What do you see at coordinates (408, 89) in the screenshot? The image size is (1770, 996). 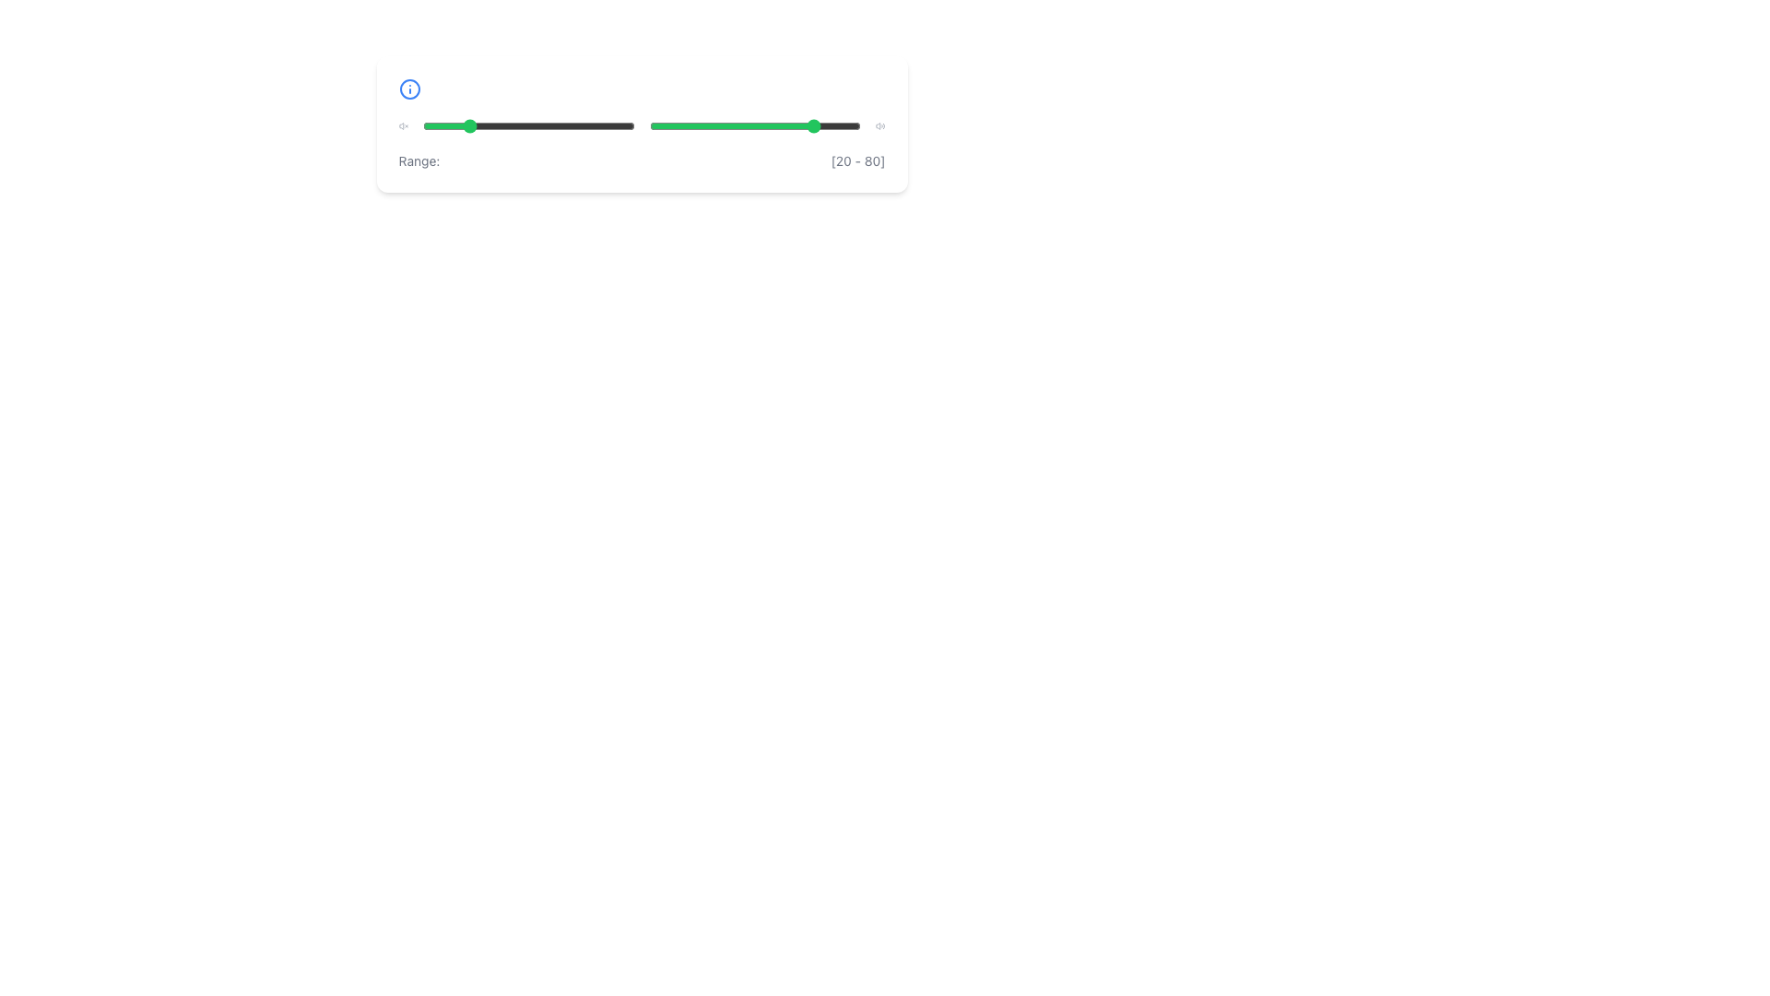 I see `the circular blue information icon containing an exclamation mark` at bounding box center [408, 89].